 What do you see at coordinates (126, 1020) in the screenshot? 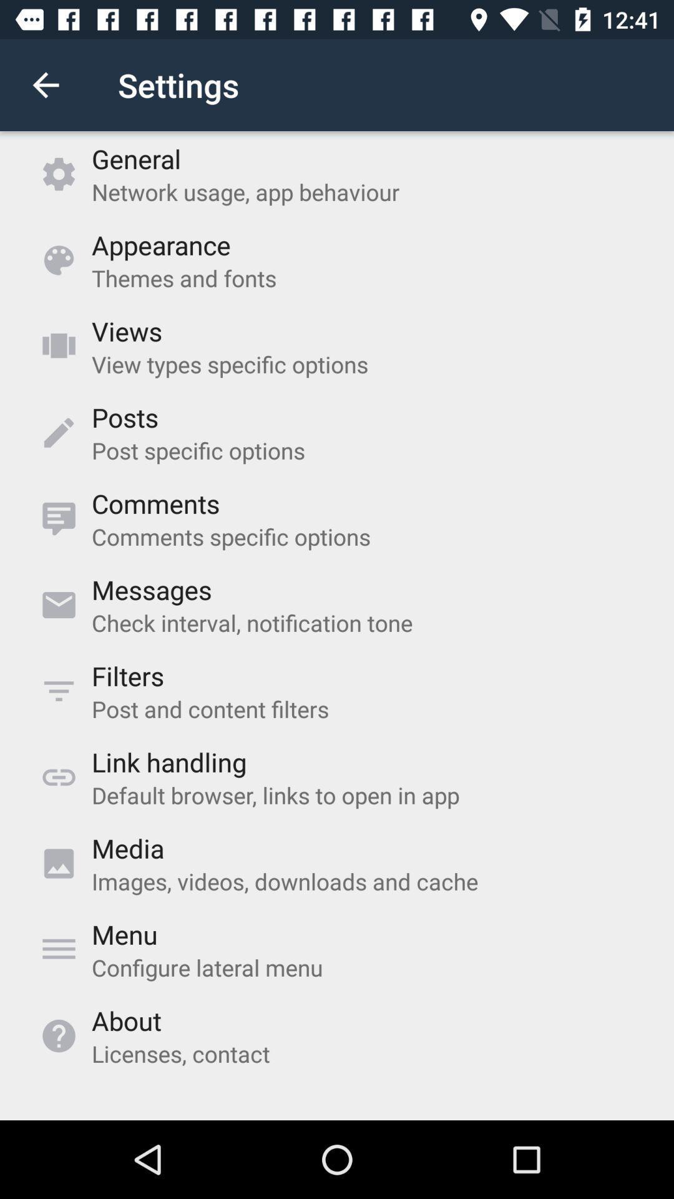
I see `about item` at bounding box center [126, 1020].